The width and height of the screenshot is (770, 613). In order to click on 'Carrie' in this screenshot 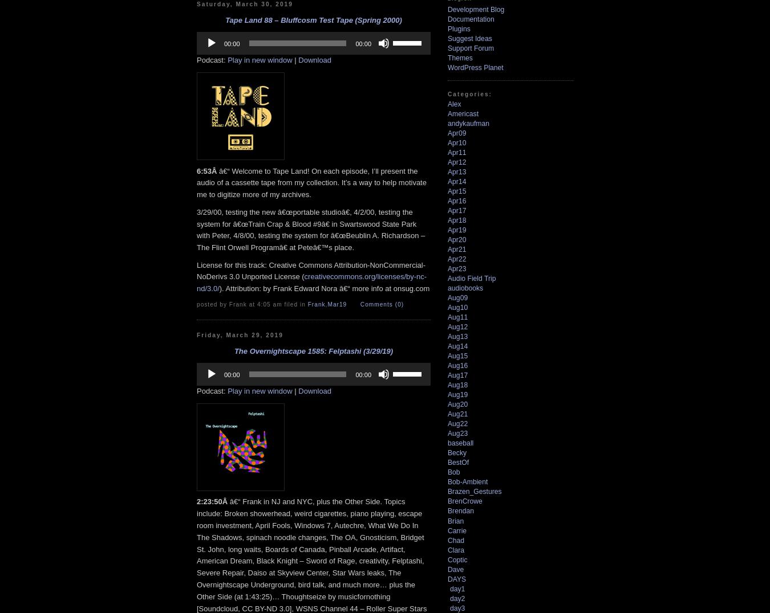, I will do `click(457, 529)`.